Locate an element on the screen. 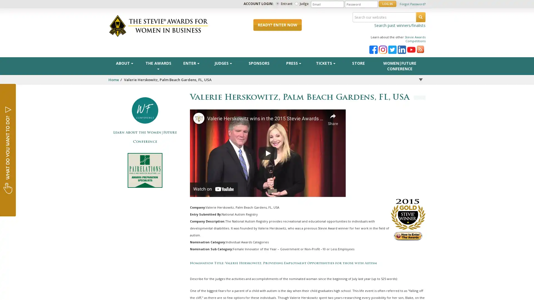  LOG IN is located at coordinates (387, 4).